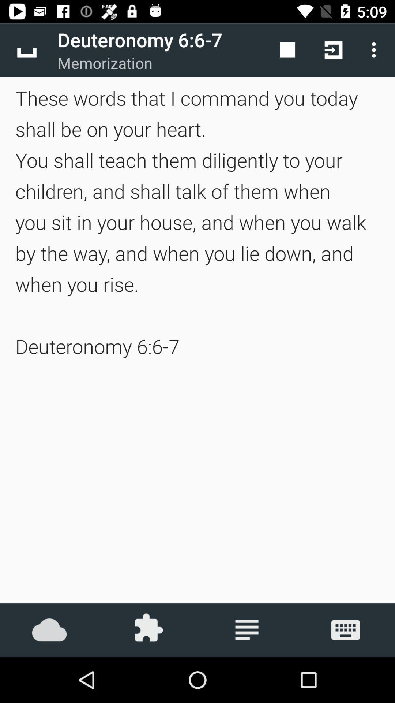 This screenshot has height=703, width=395. Describe the element at coordinates (26, 49) in the screenshot. I see `the app next to deuteronomy 6 6 app` at that location.